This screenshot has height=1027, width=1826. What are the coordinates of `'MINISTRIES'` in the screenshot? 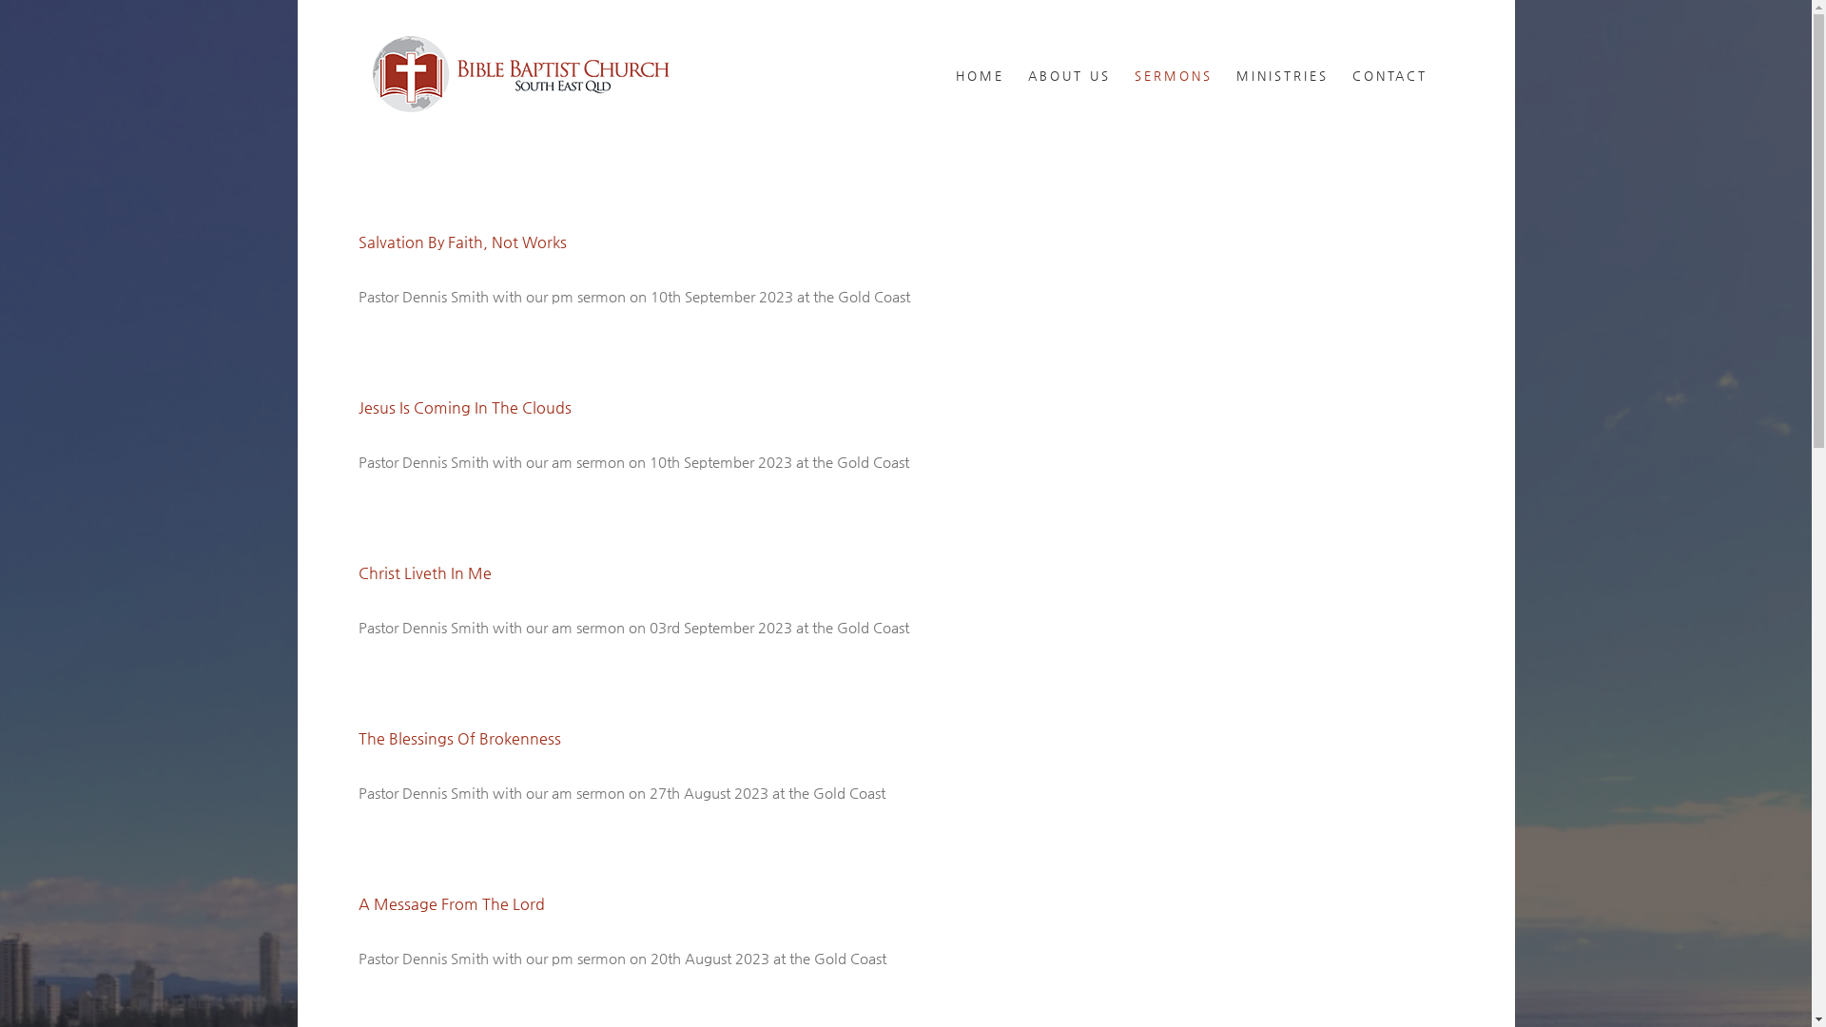 It's located at (1236, 73).